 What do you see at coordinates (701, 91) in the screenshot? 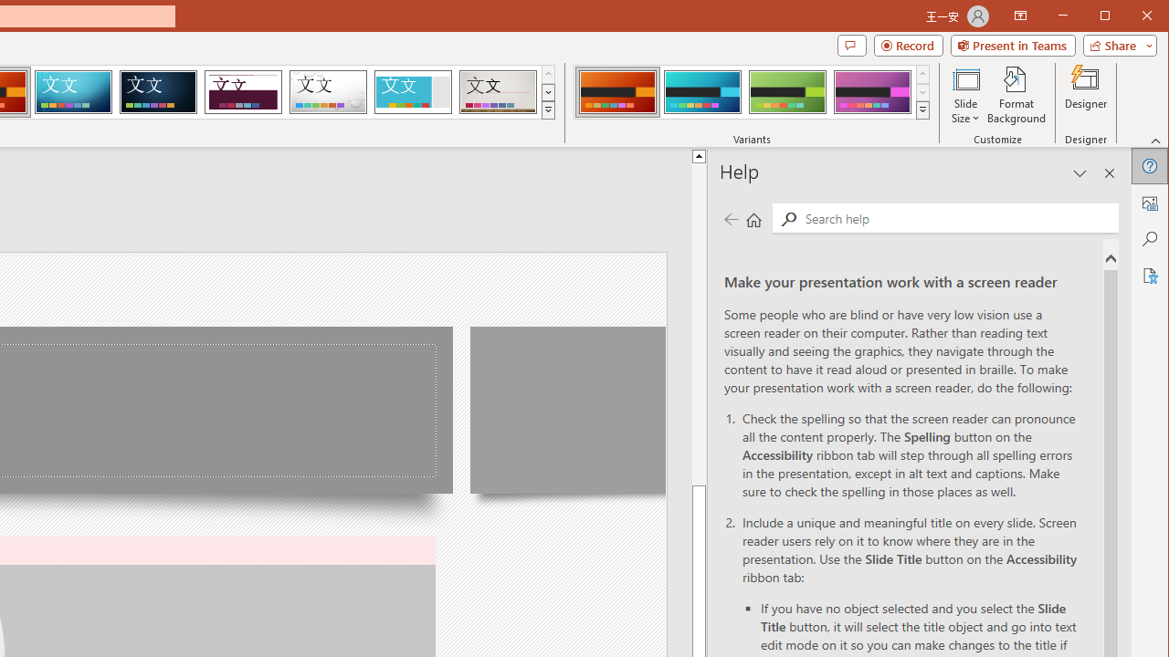
I see `'Berlin Variant 2'` at bounding box center [701, 91].